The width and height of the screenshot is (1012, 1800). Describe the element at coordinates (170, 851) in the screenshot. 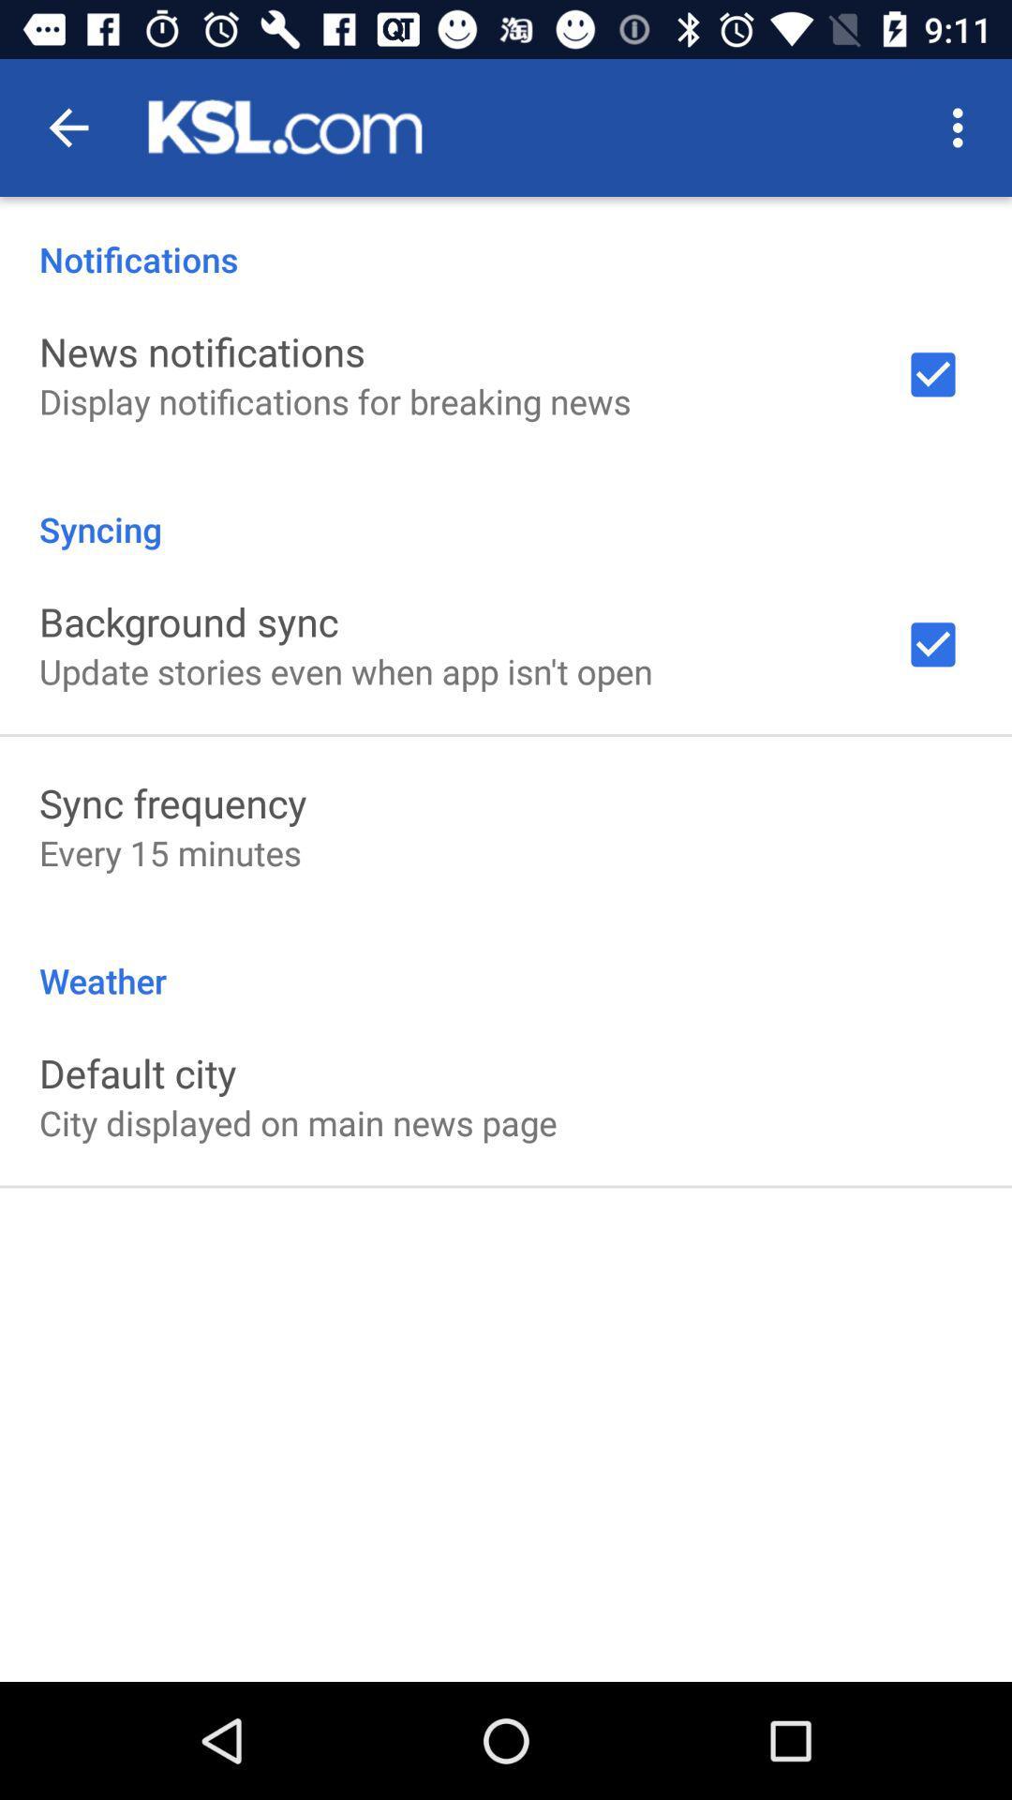

I see `the app above weather item` at that location.